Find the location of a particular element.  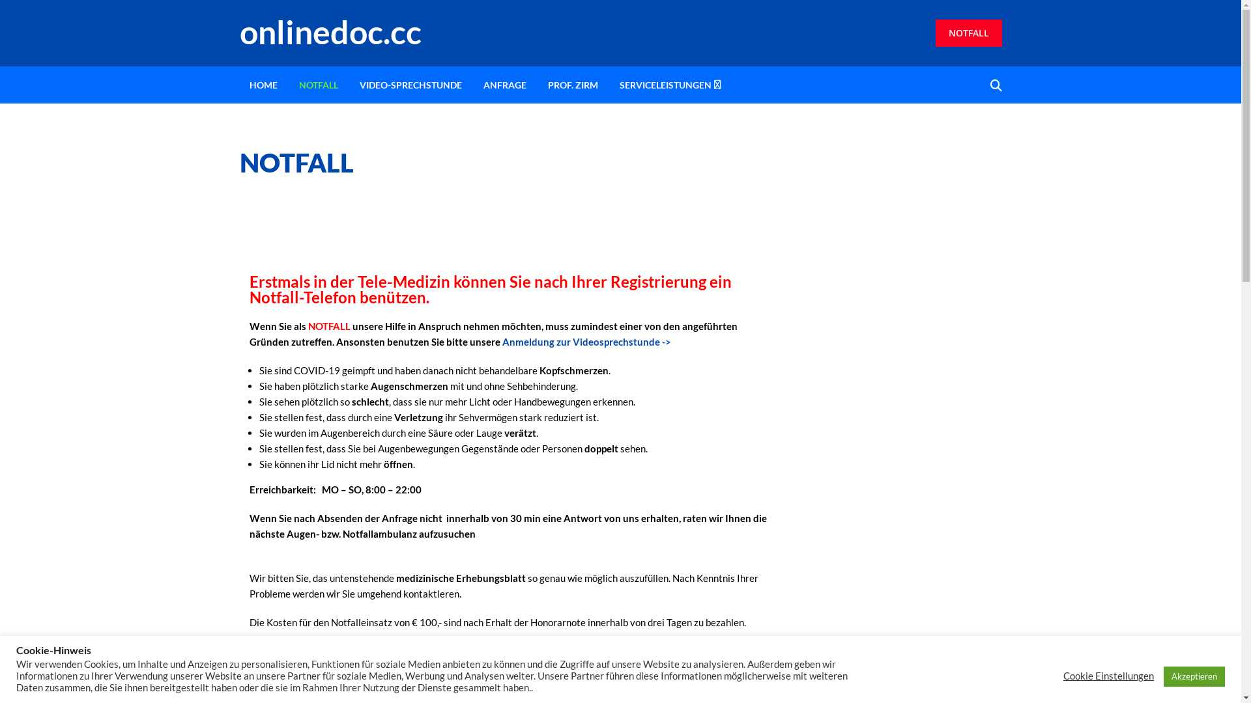

'Anmeldung zur Videosprechstunde ->' is located at coordinates (585, 340).